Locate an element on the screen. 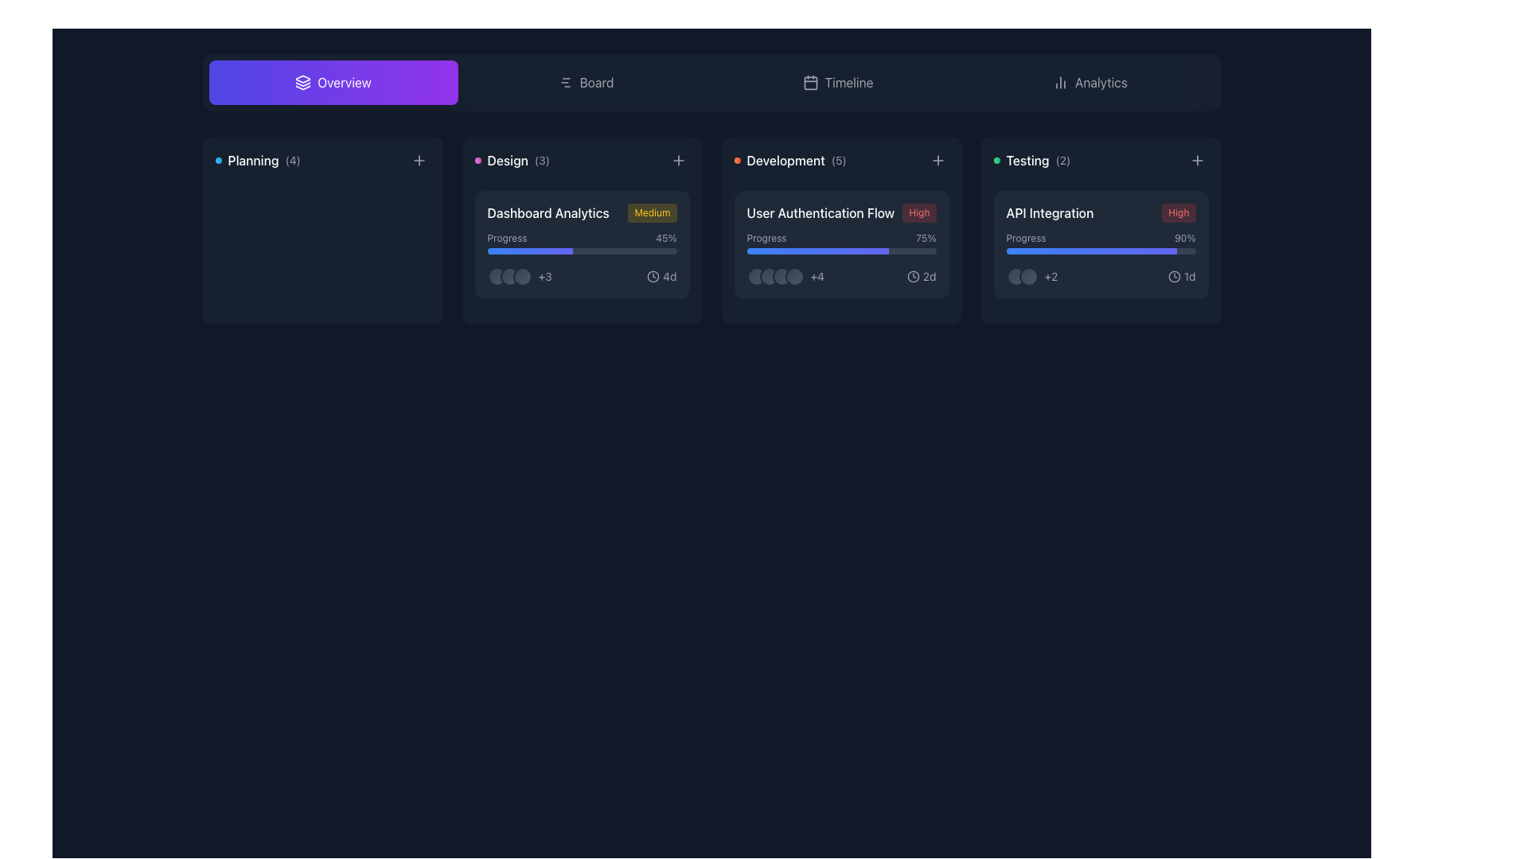  text of the metadata display element indicating the remaining duration or time-related information for the task within the 'Testing' card under the 'API Integration' section is located at coordinates (1182, 275).